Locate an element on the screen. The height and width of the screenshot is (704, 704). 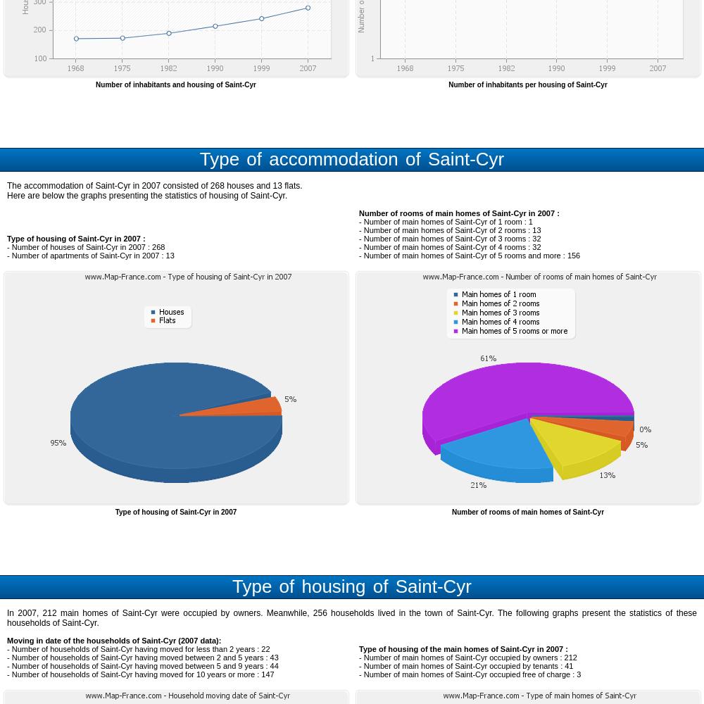
'- Number of apartments of Saint-Cyr in 2007 : 13' is located at coordinates (90, 255).